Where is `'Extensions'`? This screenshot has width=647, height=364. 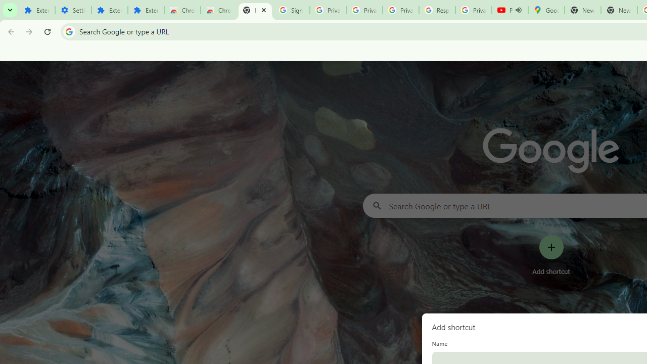
'Extensions' is located at coordinates (146, 10).